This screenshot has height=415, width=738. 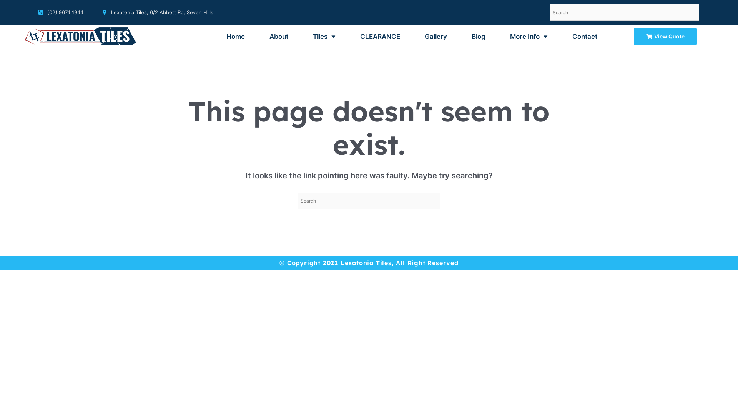 I want to click on '(02) 9674 1944', so click(x=60, y=12).